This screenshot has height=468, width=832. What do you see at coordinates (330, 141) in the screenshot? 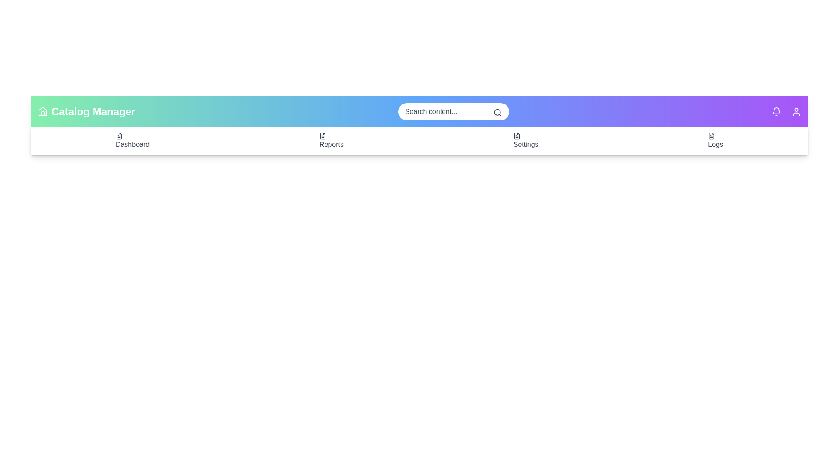
I see `the 'Reports' menu item to view reports` at bounding box center [330, 141].